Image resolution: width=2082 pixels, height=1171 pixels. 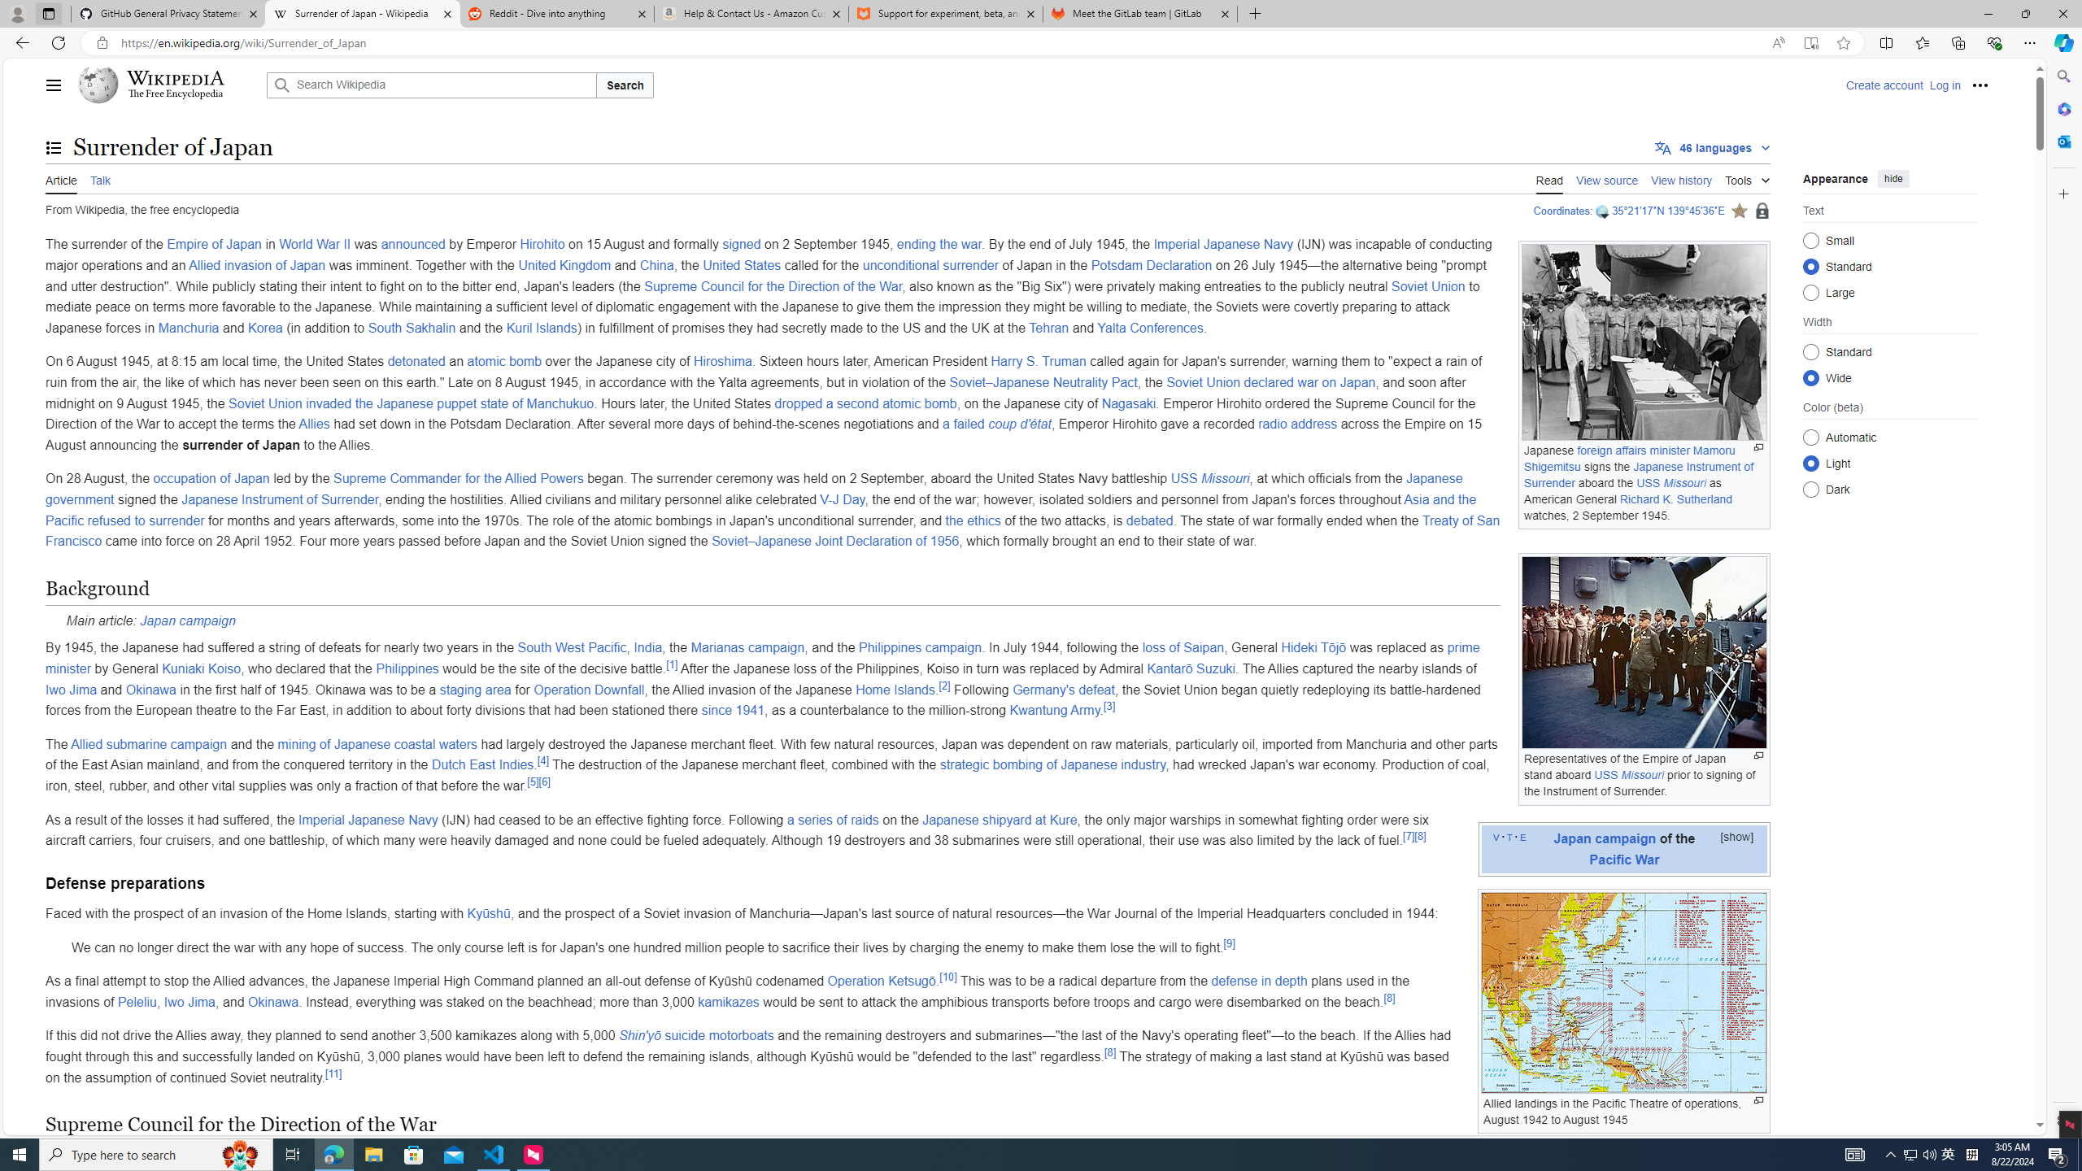 I want to click on '[show]', so click(x=1736, y=835).